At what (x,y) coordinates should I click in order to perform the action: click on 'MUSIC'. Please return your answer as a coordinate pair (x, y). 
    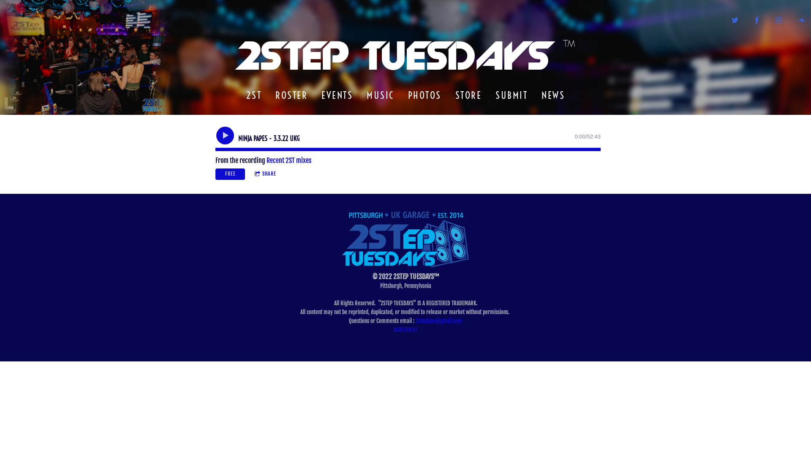
    Looking at the image, I should click on (380, 95).